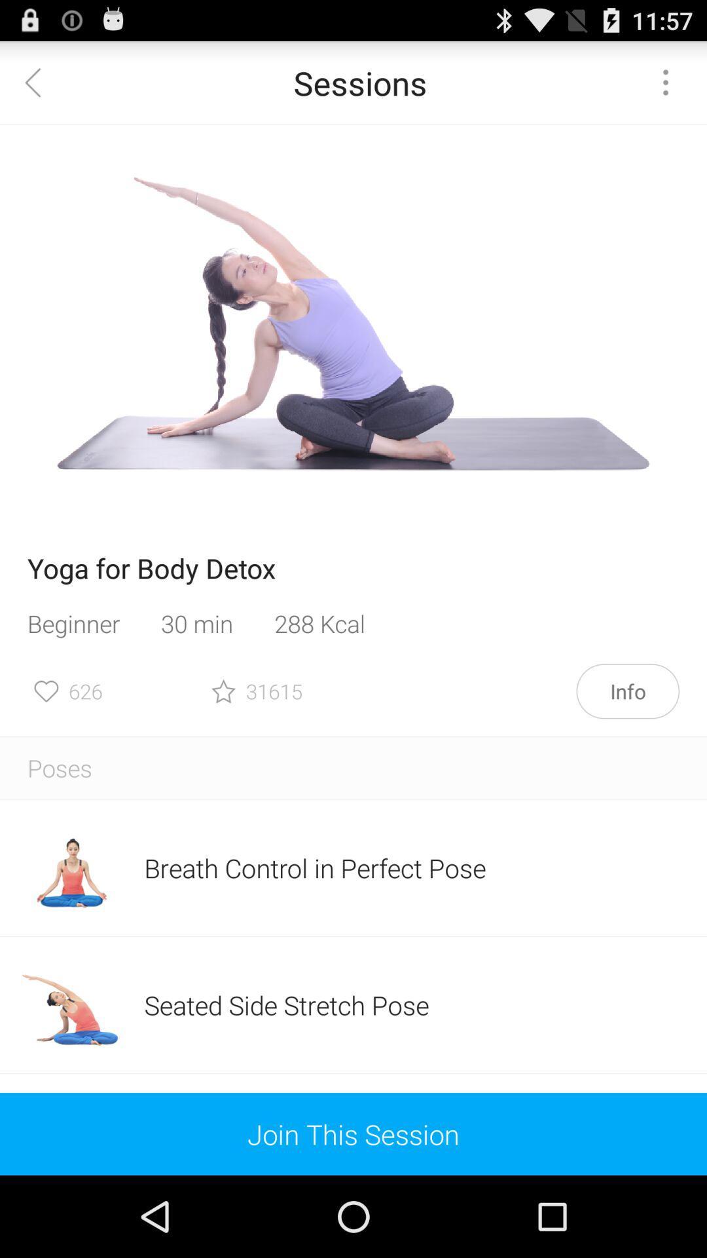  What do you see at coordinates (666, 87) in the screenshot?
I see `the more icon` at bounding box center [666, 87].